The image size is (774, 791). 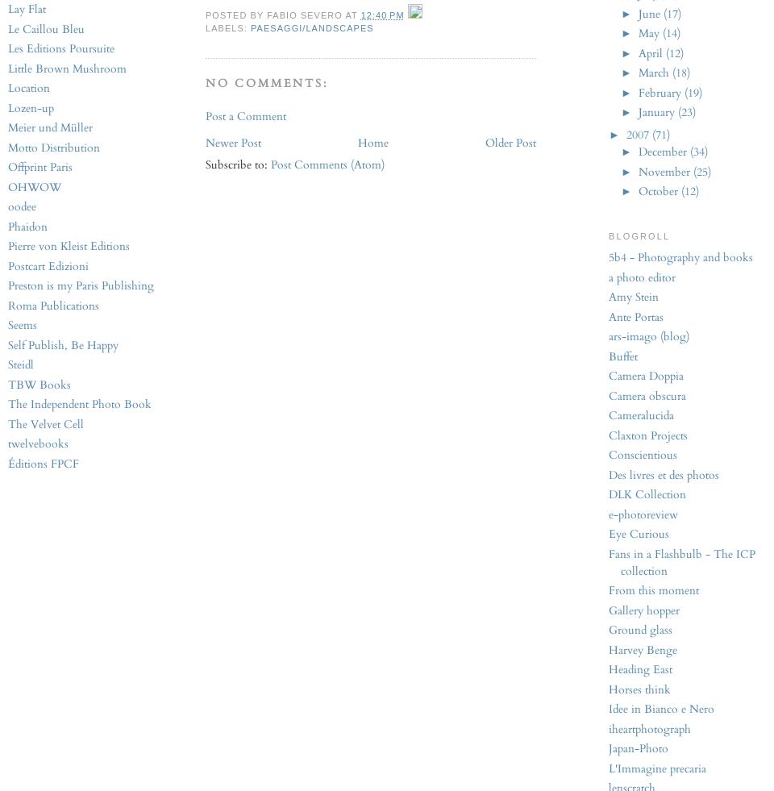 I want to click on 'e-photoreview', so click(x=643, y=514).